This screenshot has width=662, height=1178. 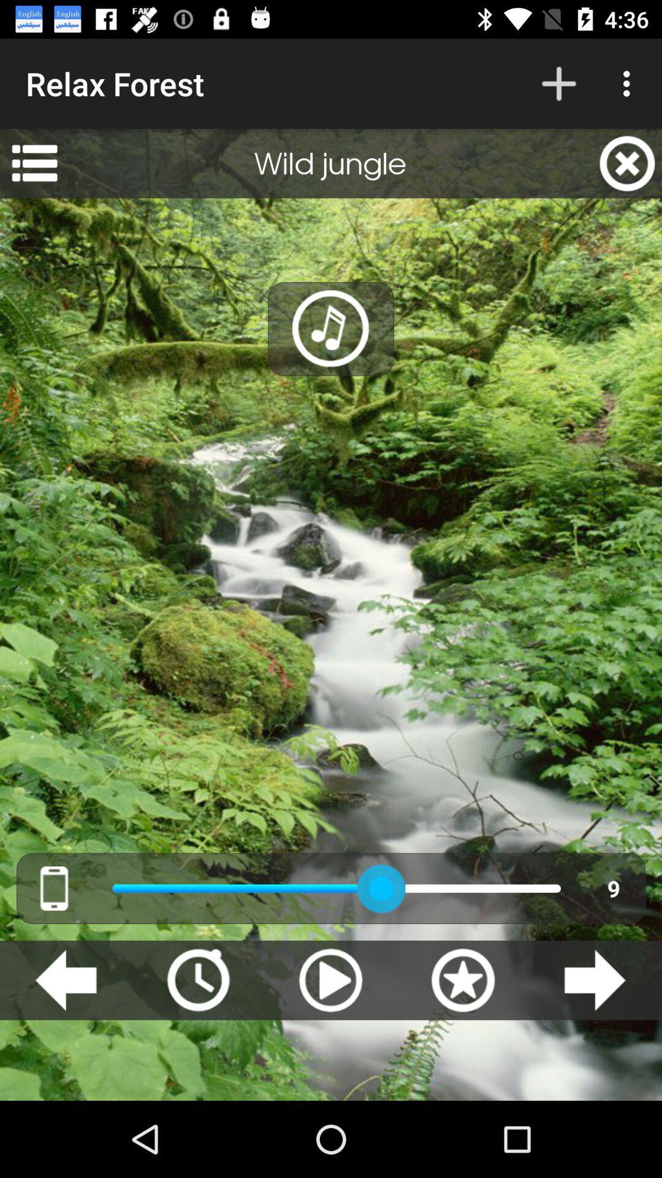 I want to click on the close icon, so click(x=627, y=163).